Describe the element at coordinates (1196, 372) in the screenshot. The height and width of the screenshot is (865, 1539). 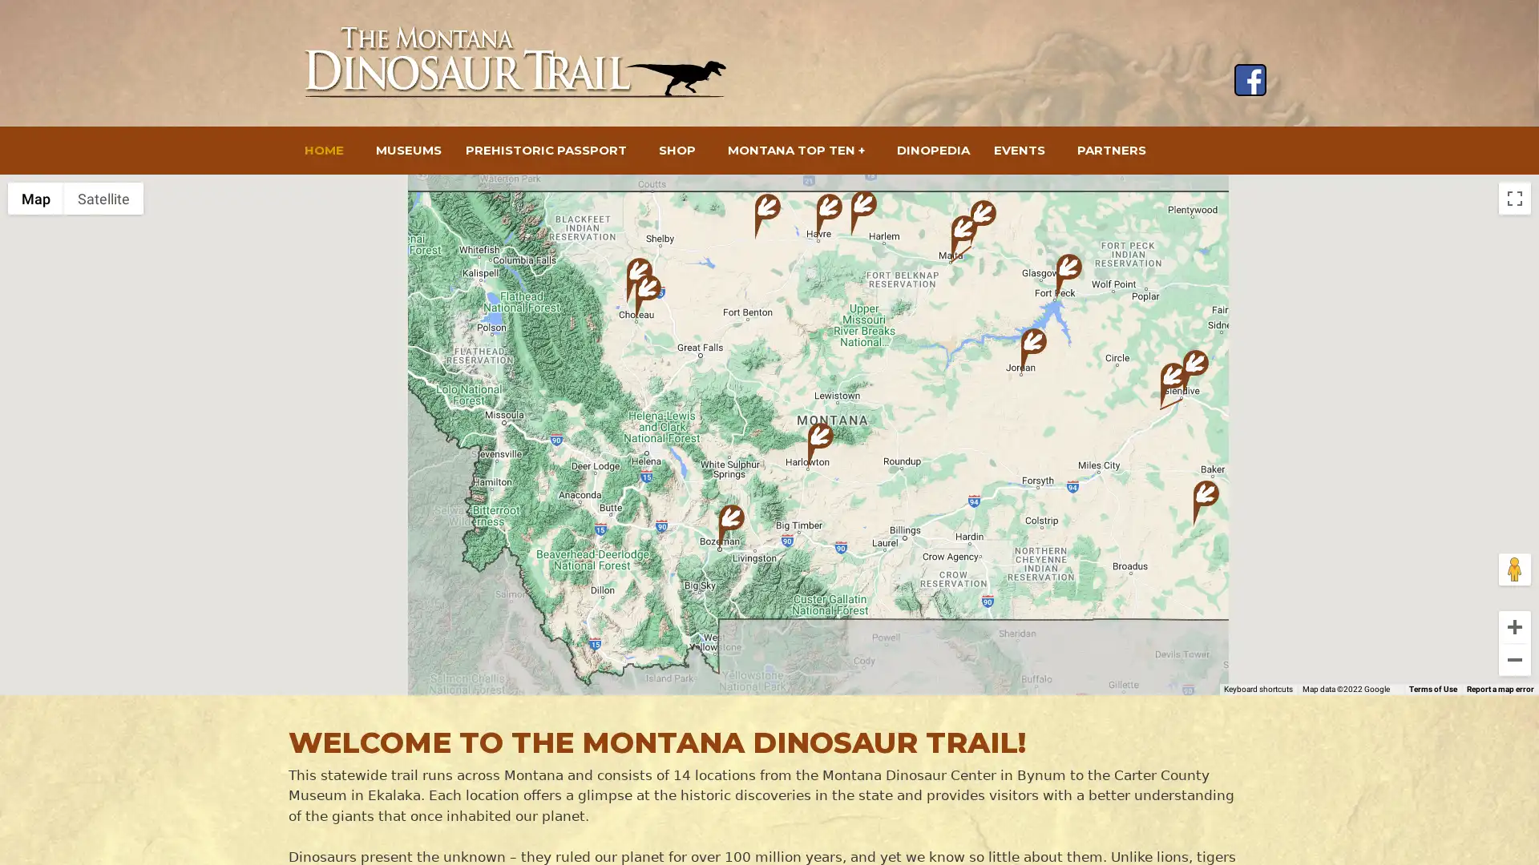
I see `Frontier Gateway Museum` at that location.